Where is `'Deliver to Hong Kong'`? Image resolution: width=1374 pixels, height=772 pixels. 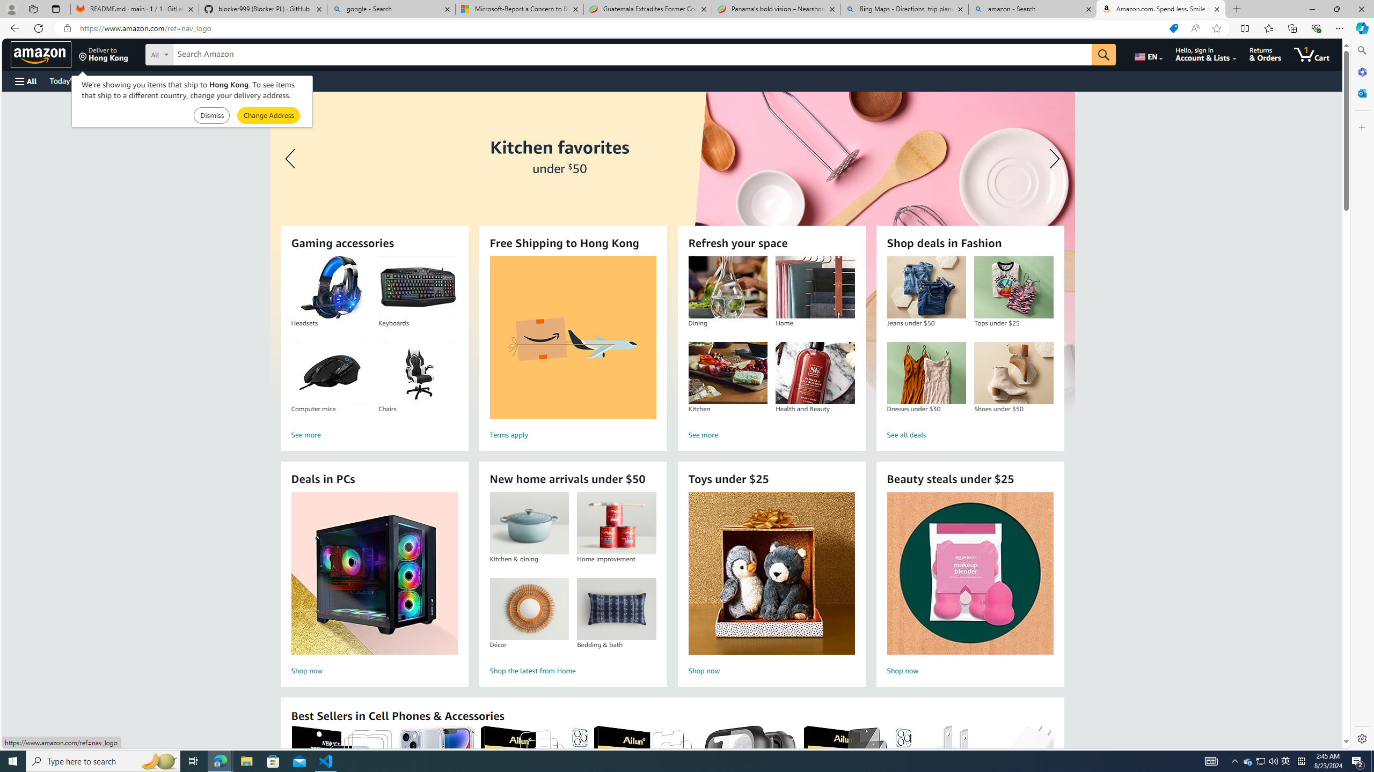 'Deliver to Hong Kong' is located at coordinates (103, 54).